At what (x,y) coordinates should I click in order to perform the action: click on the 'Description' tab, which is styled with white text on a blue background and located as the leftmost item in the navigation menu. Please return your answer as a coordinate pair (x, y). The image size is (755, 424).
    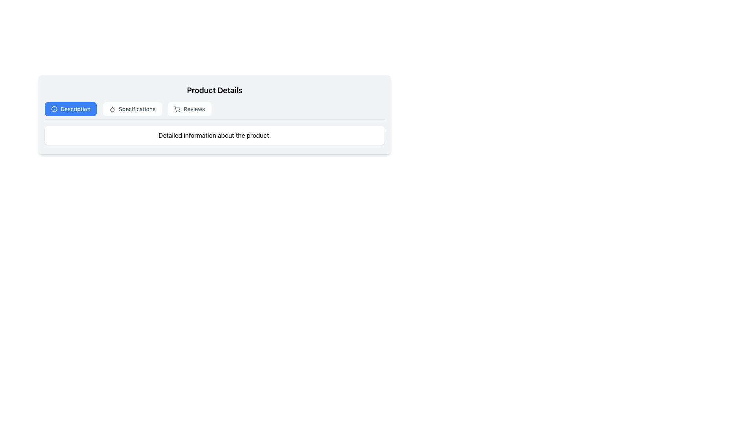
    Looking at the image, I should click on (75, 109).